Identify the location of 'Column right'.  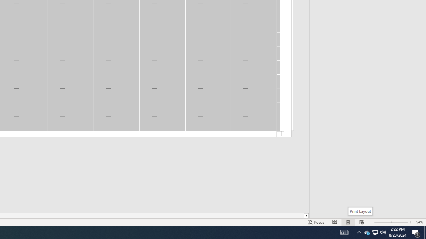
(306, 215).